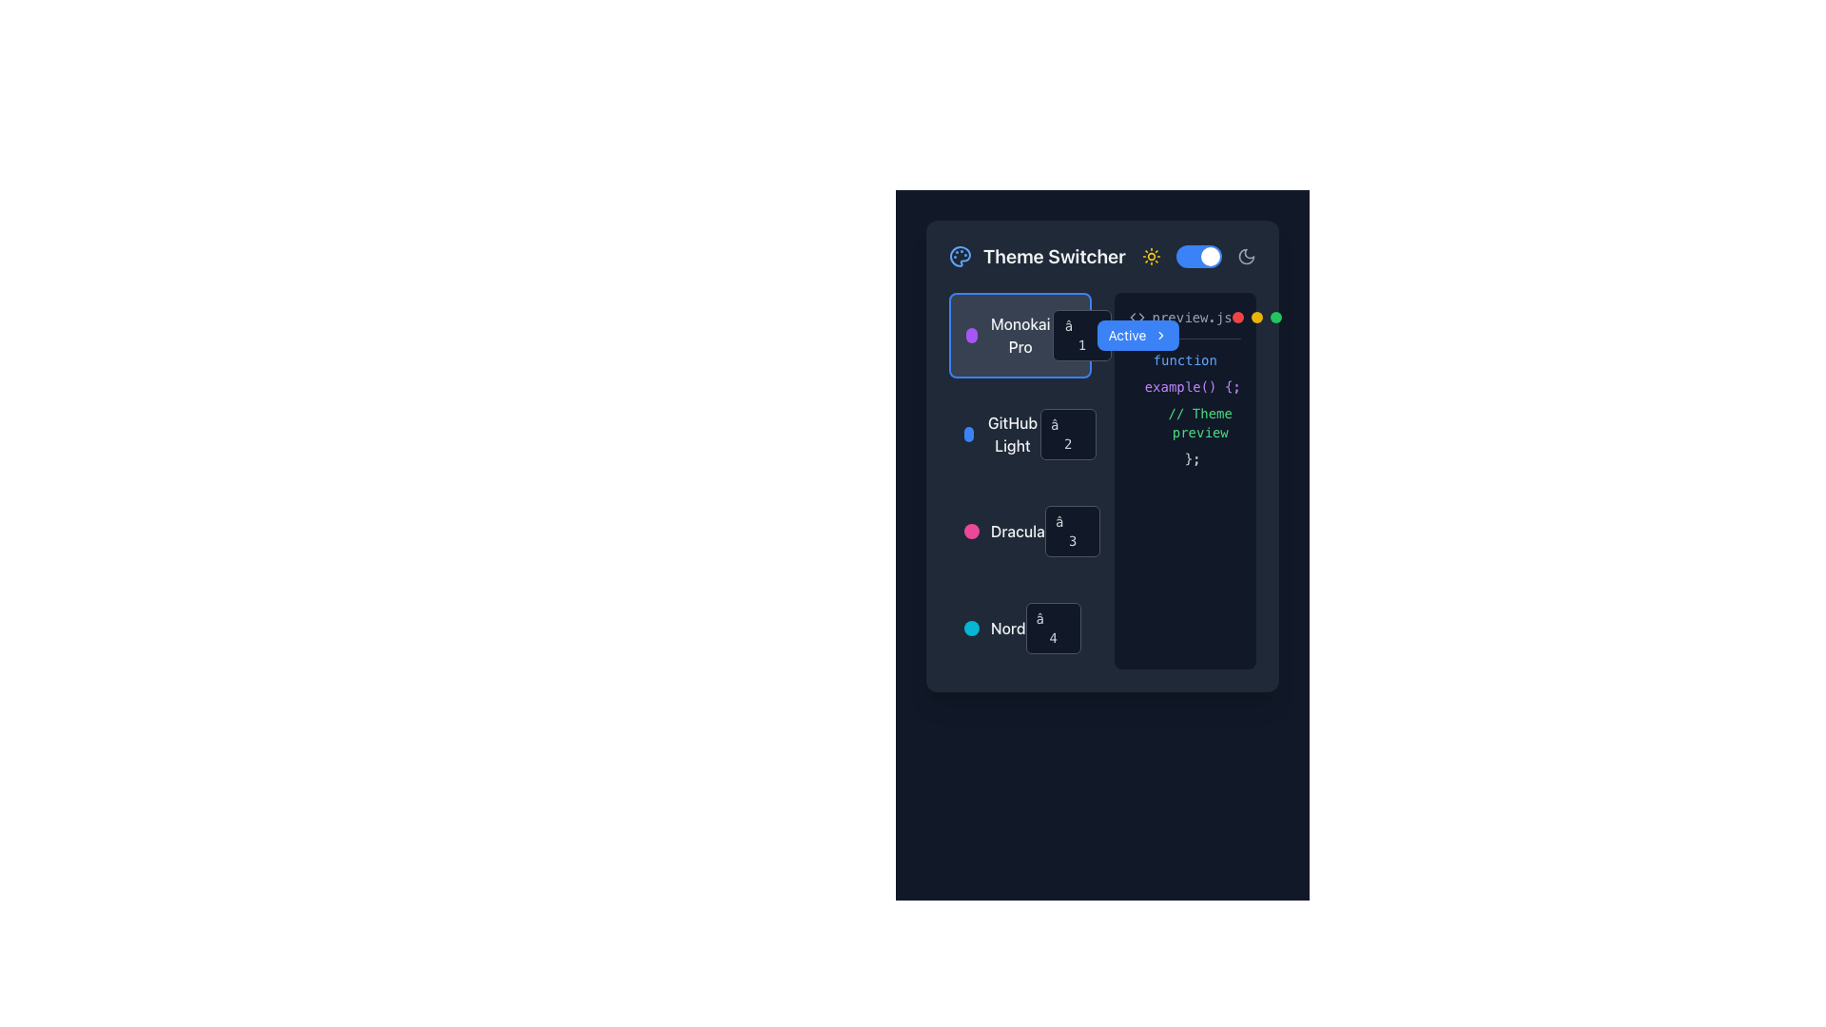 This screenshot has width=1826, height=1027. I want to click on the fourth selectable list item labeled 'Nord' in the 'Theme Switcher' section, so click(1019, 628).